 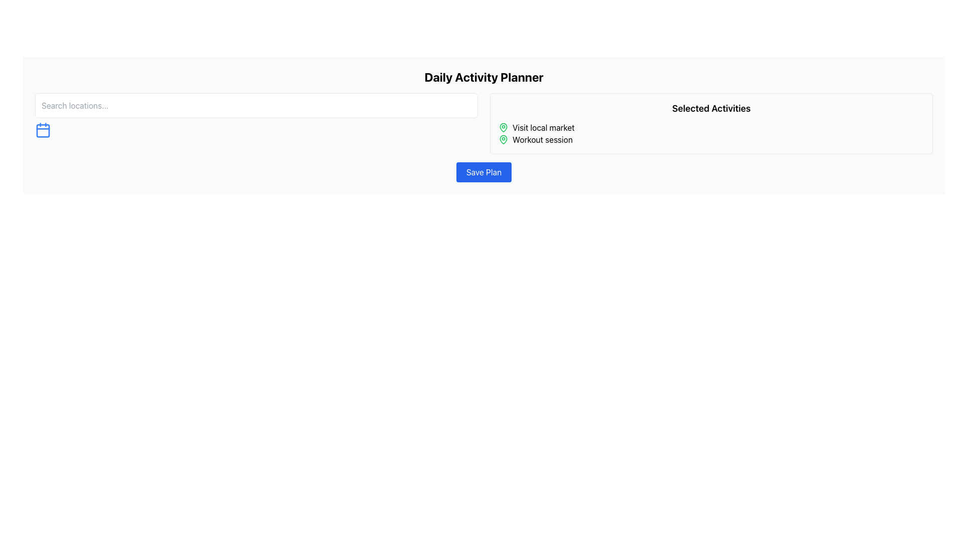 I want to click on text label located under 'Visit local market' in the 'Selected Activities' box, which identifies one of the selected activities in the daily activity planner, so click(x=542, y=139).